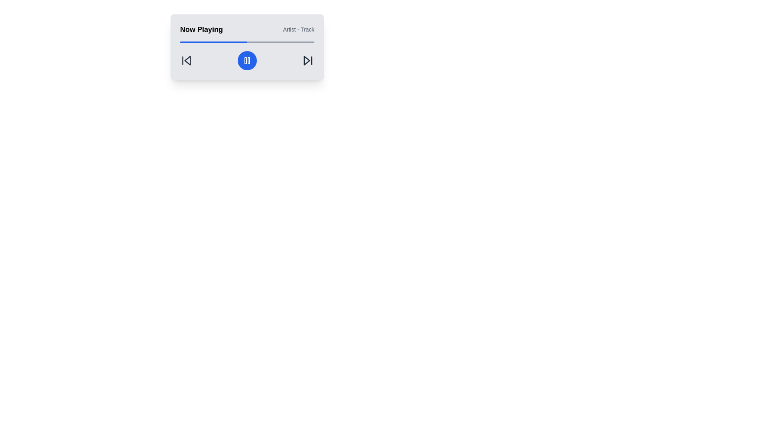  I want to click on the left rectangle of the pause icon, so click(245, 60).